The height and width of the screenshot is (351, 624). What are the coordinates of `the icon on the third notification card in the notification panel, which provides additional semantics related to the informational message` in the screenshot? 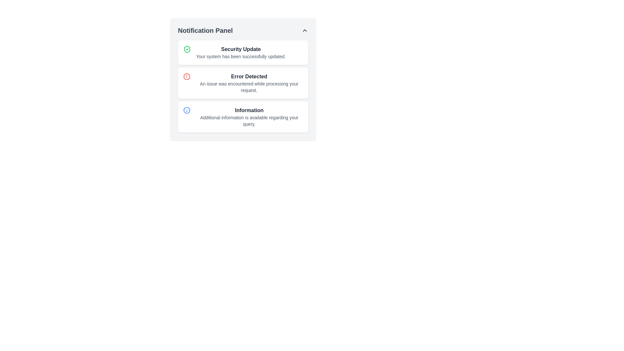 It's located at (242, 116).